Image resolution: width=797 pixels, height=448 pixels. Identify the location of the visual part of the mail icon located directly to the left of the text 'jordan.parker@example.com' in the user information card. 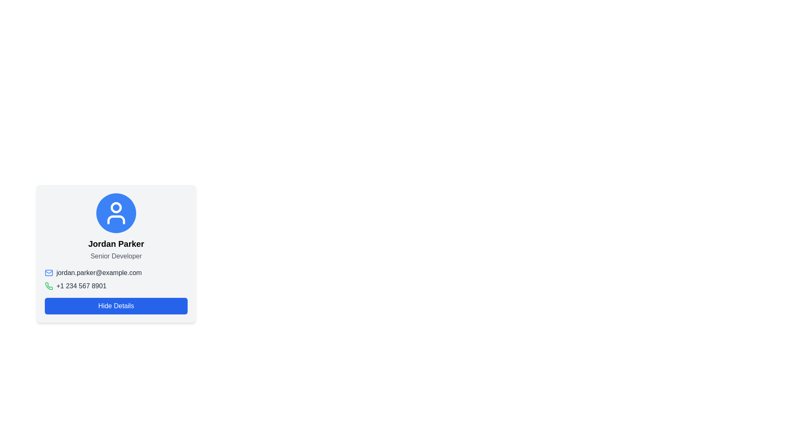
(49, 273).